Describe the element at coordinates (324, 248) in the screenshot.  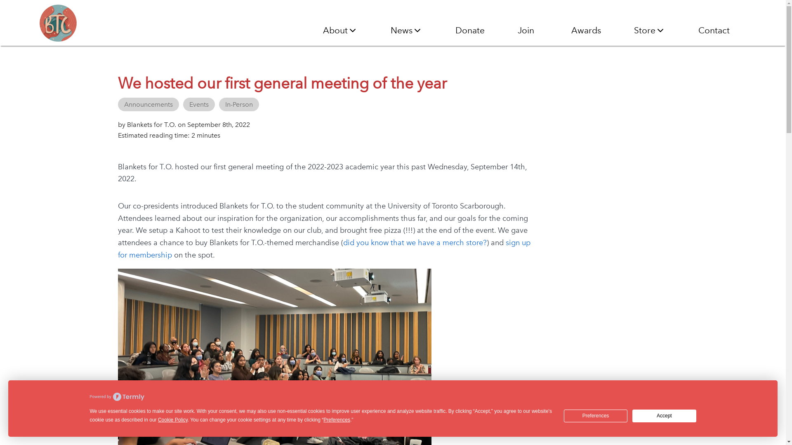
I see `'sign up for membership'` at that location.